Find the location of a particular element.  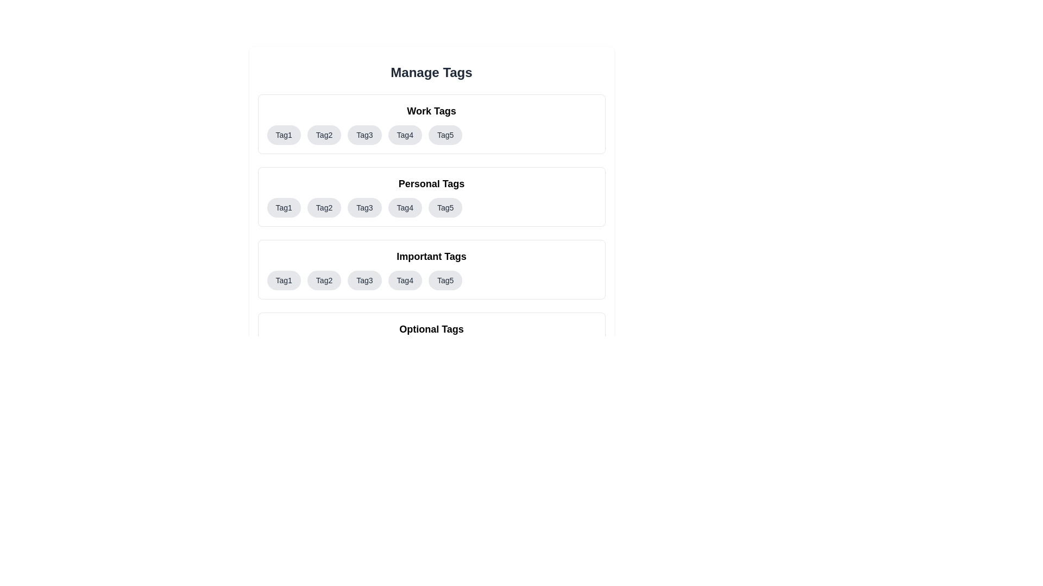

the third tag in the 'Work Tags' group is located at coordinates (365, 135).